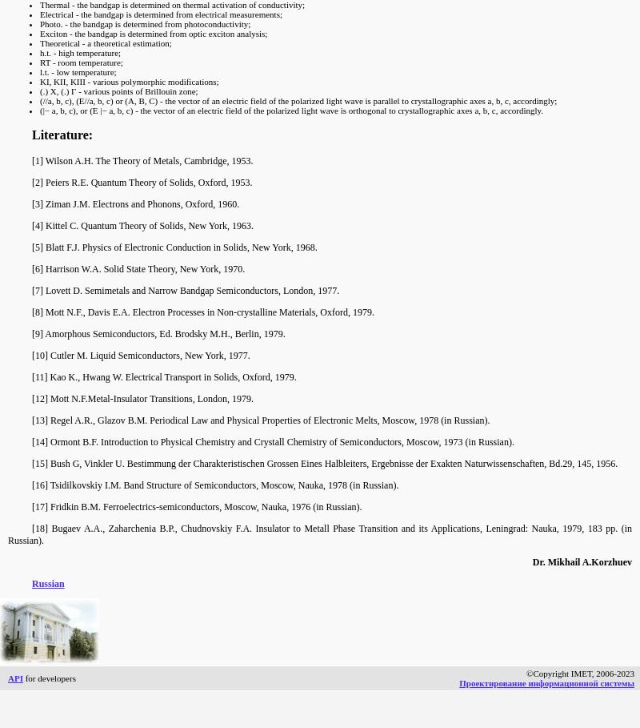 This screenshot has height=728, width=640. What do you see at coordinates (215, 485) in the screenshot?
I see `'[16] Tsidilkovskiy I.M. Band Structure of Semiconductors, Moscow, Nauka, 1978 (in Russian).'` at bounding box center [215, 485].